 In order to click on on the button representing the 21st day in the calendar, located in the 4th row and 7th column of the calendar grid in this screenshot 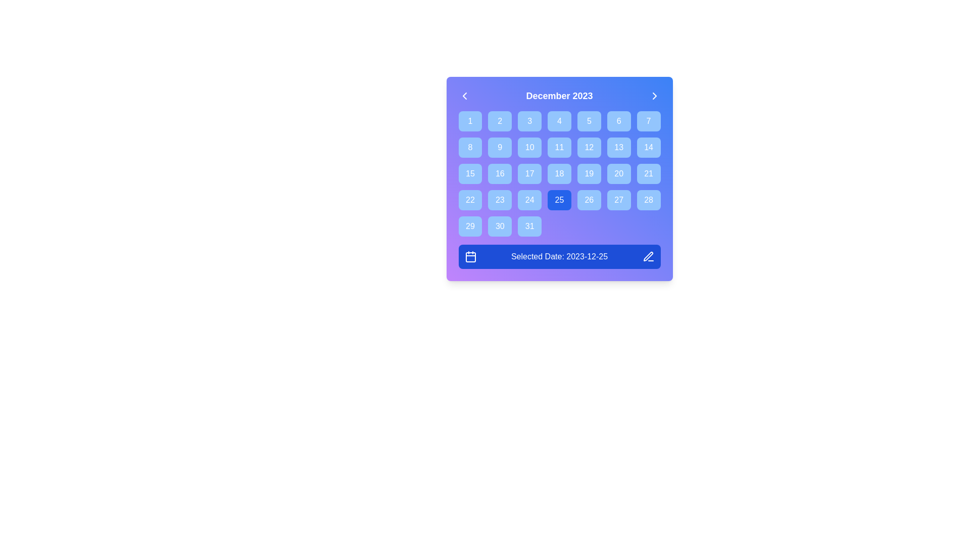, I will do `click(649, 173)`.